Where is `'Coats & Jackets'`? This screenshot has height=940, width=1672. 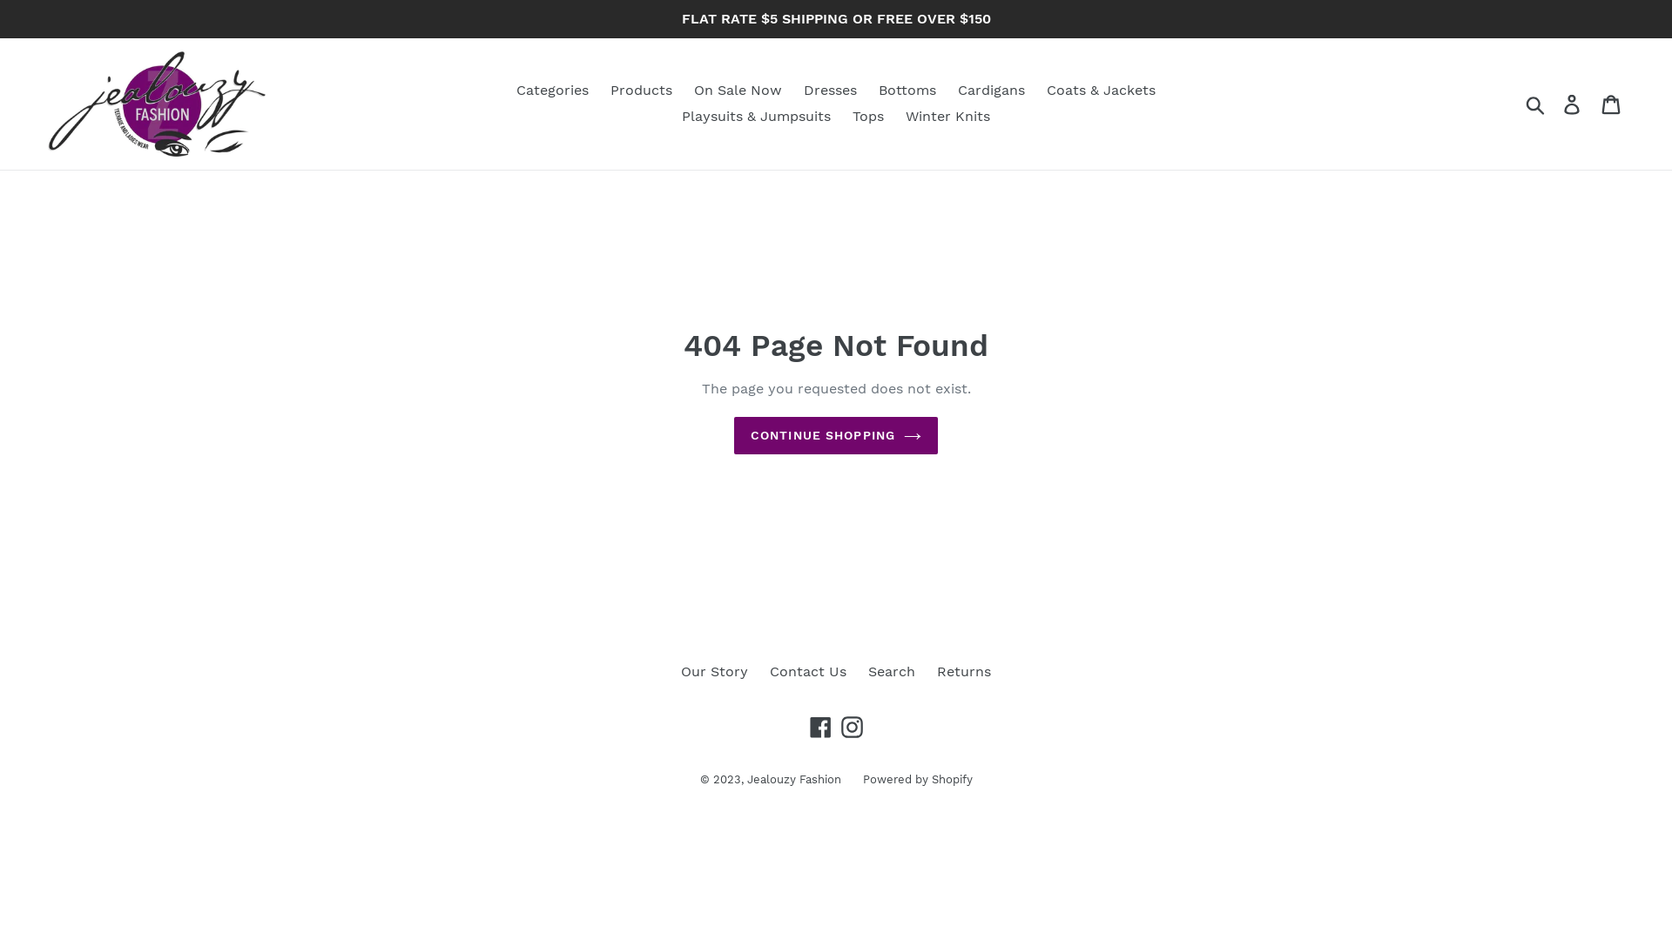
'Coats & Jackets' is located at coordinates (1100, 91).